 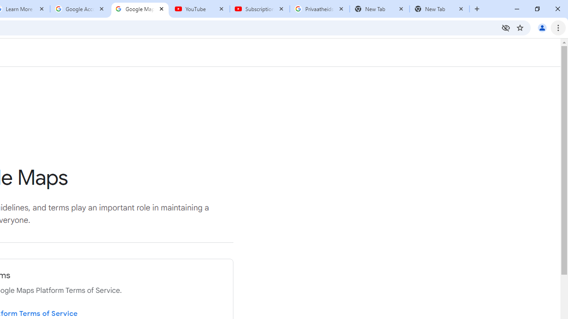 What do you see at coordinates (80, 9) in the screenshot?
I see `'Google Account'` at bounding box center [80, 9].